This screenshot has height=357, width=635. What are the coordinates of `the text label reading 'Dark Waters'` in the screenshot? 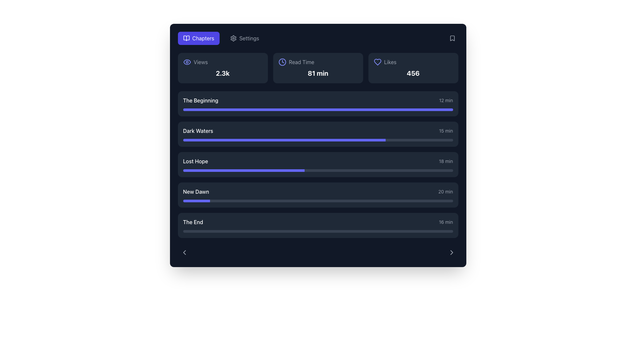 It's located at (198, 131).